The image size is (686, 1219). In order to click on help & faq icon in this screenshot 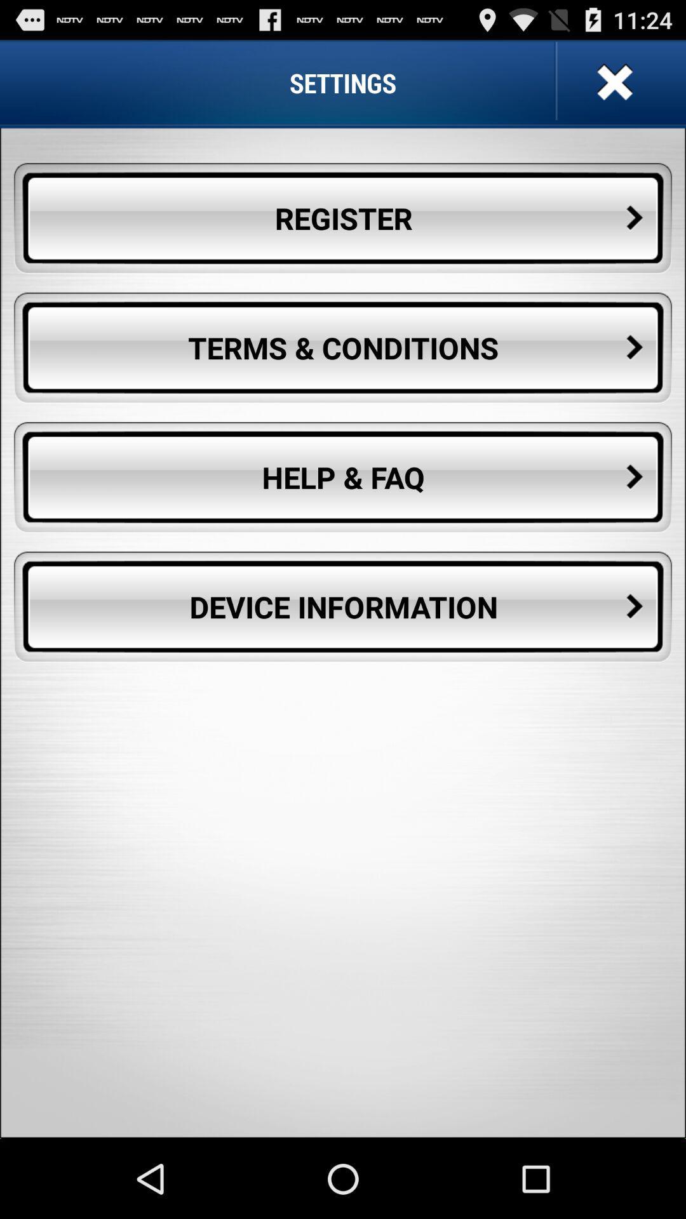, I will do `click(343, 477)`.